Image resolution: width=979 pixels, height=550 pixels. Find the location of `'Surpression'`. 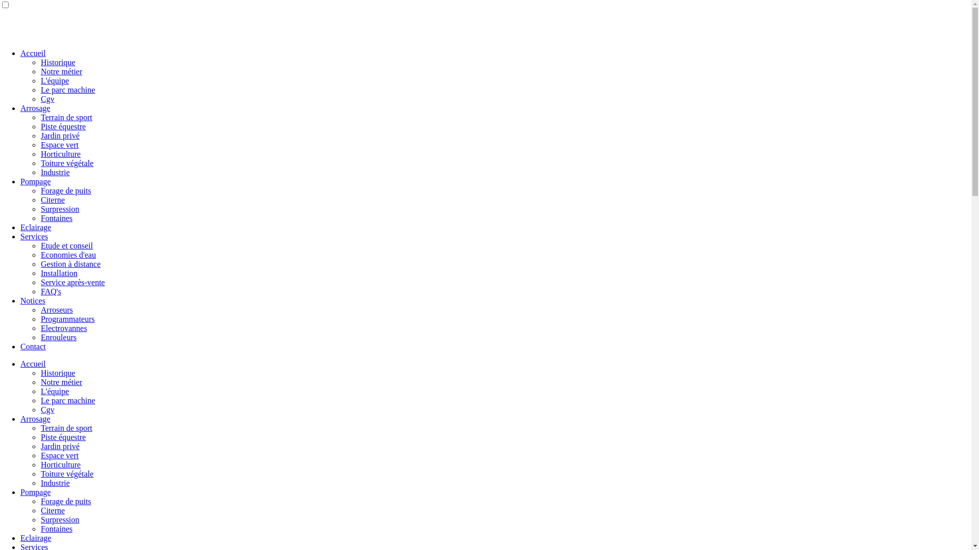

'Surpression' is located at coordinates (41, 519).